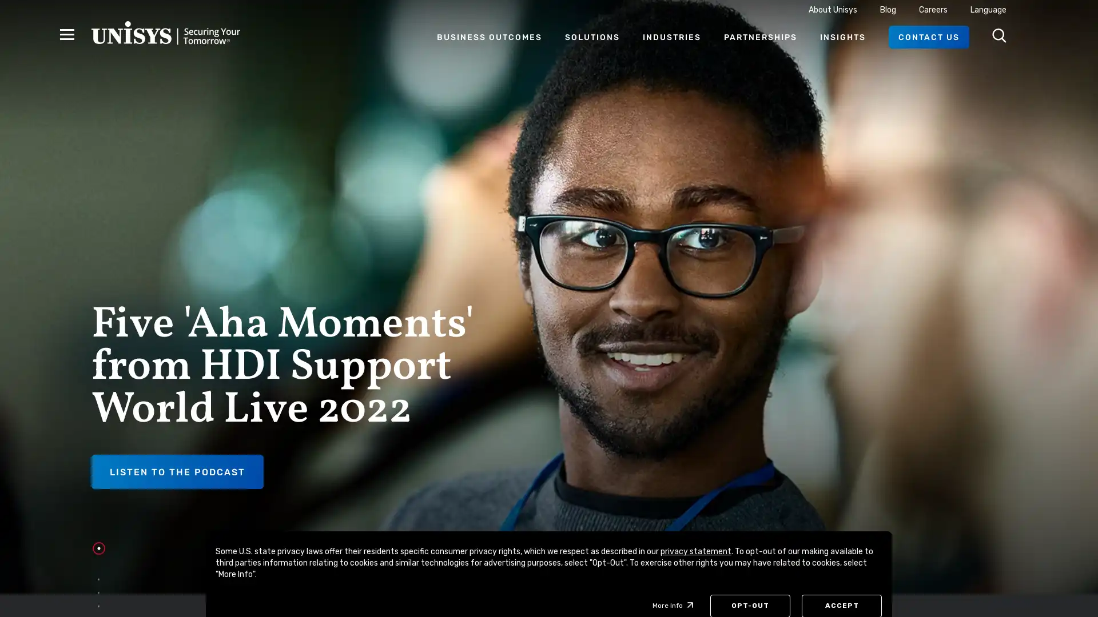 The height and width of the screenshot is (617, 1098). I want to click on Language, so click(988, 10).